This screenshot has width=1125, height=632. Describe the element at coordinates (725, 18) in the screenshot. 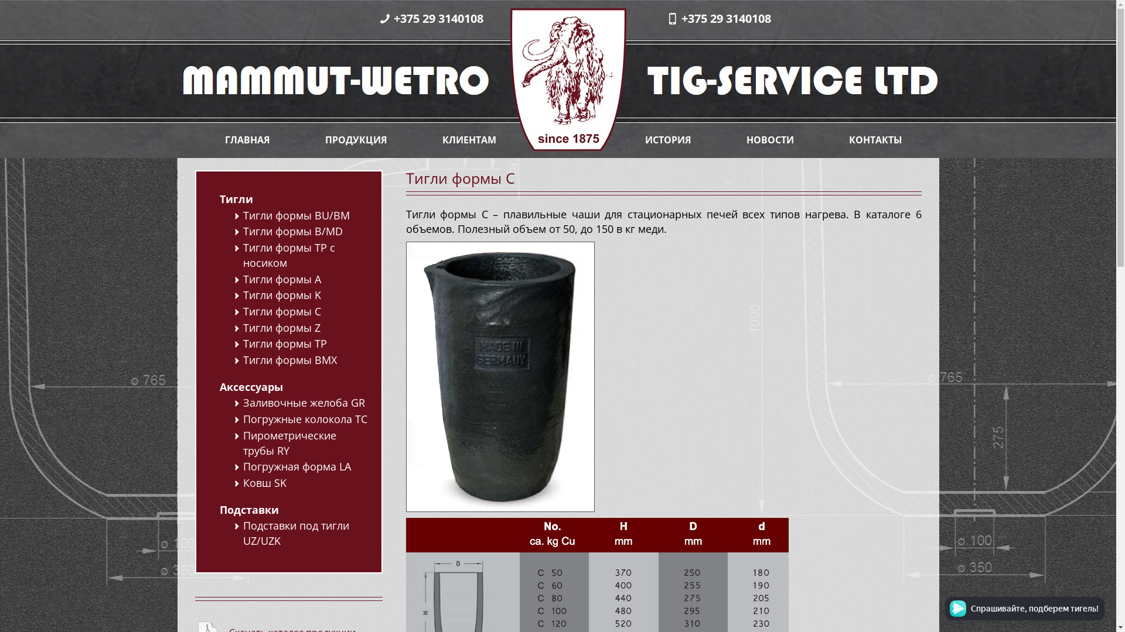

I see `'+375 29 3140108'` at that location.